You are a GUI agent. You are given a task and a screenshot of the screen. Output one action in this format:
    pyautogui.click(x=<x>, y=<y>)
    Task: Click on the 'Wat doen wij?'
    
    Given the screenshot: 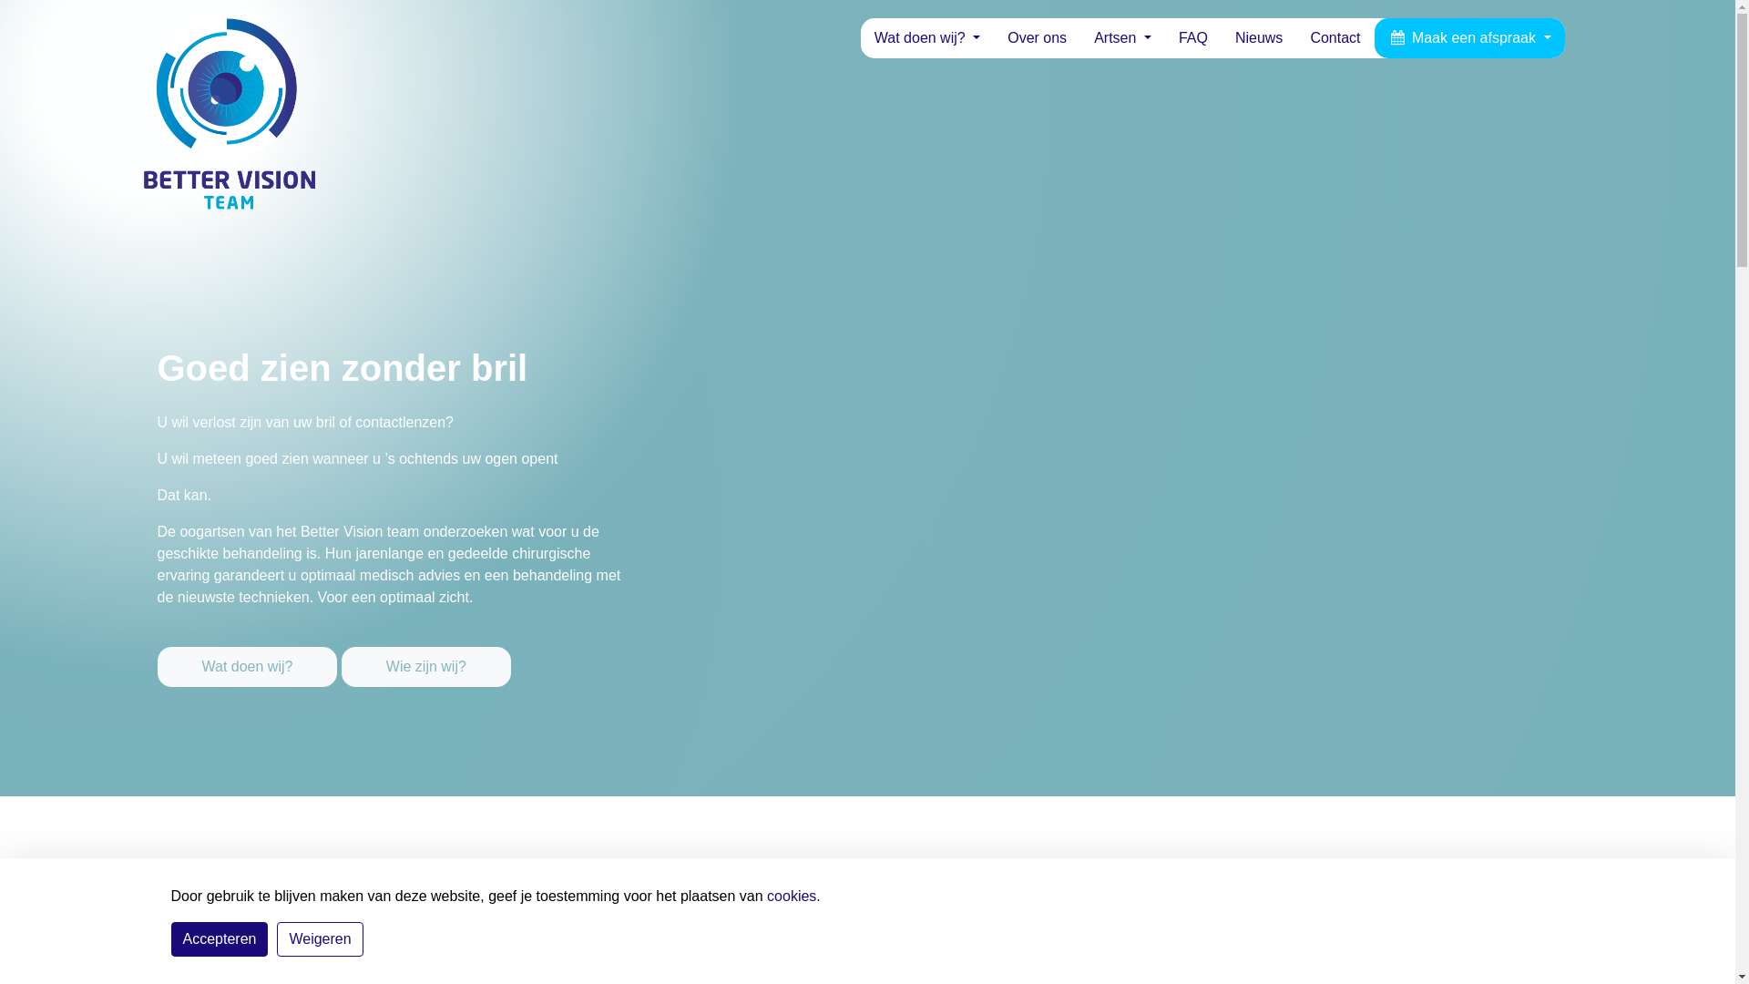 What is the action you would take?
    pyautogui.click(x=926, y=38)
    